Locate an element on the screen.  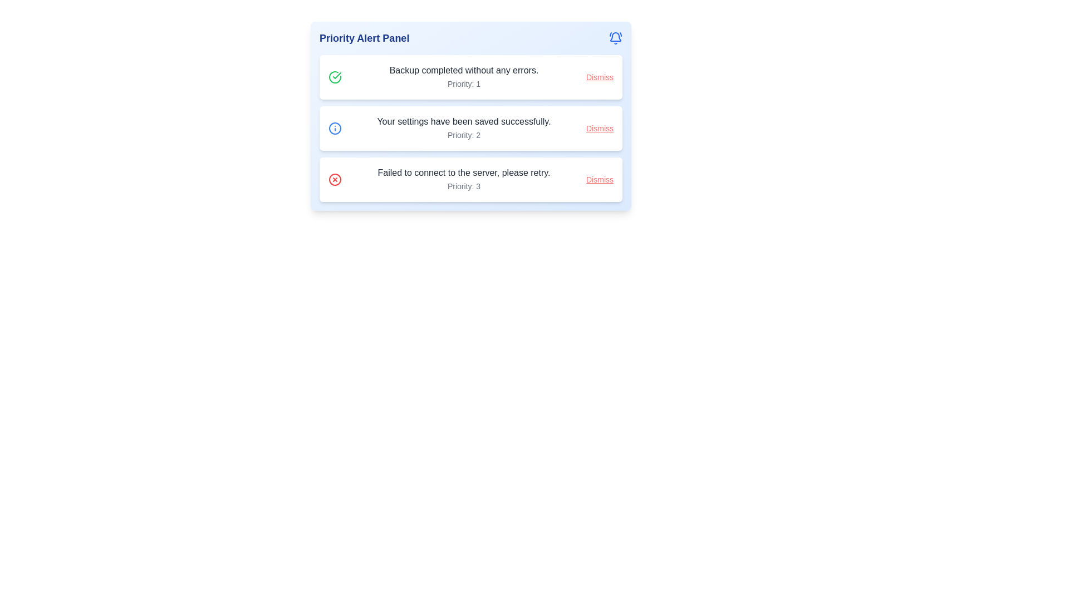
text displayed in the 'Priority Alert Panel' element, which is a prominent text label in dark blue color located in the top-left area of the interface is located at coordinates (364, 38).